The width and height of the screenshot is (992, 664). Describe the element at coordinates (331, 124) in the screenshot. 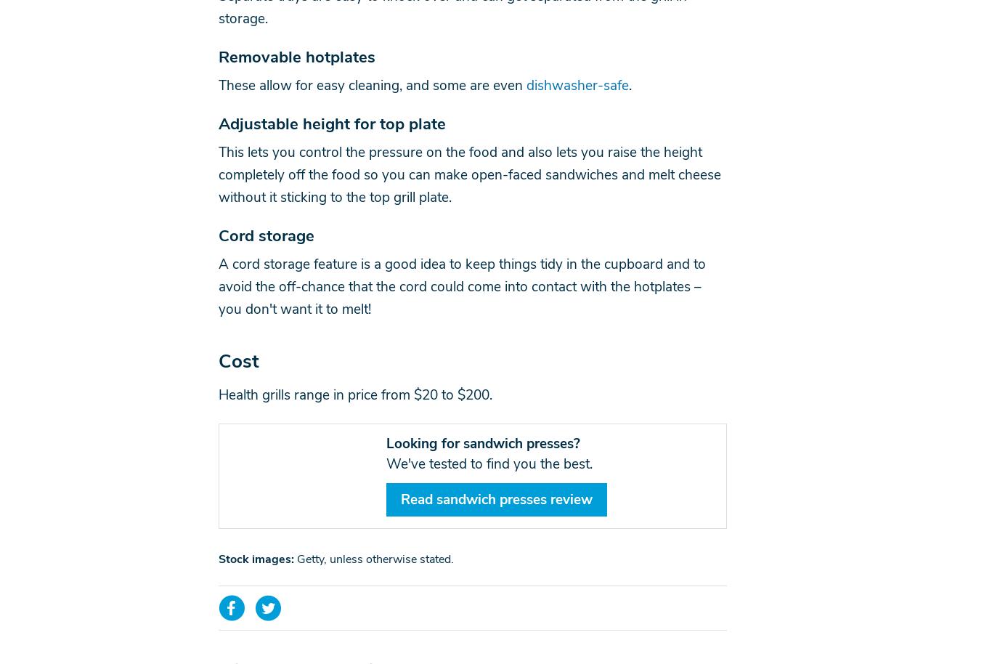

I see `'Adjustable height for top plate'` at that location.